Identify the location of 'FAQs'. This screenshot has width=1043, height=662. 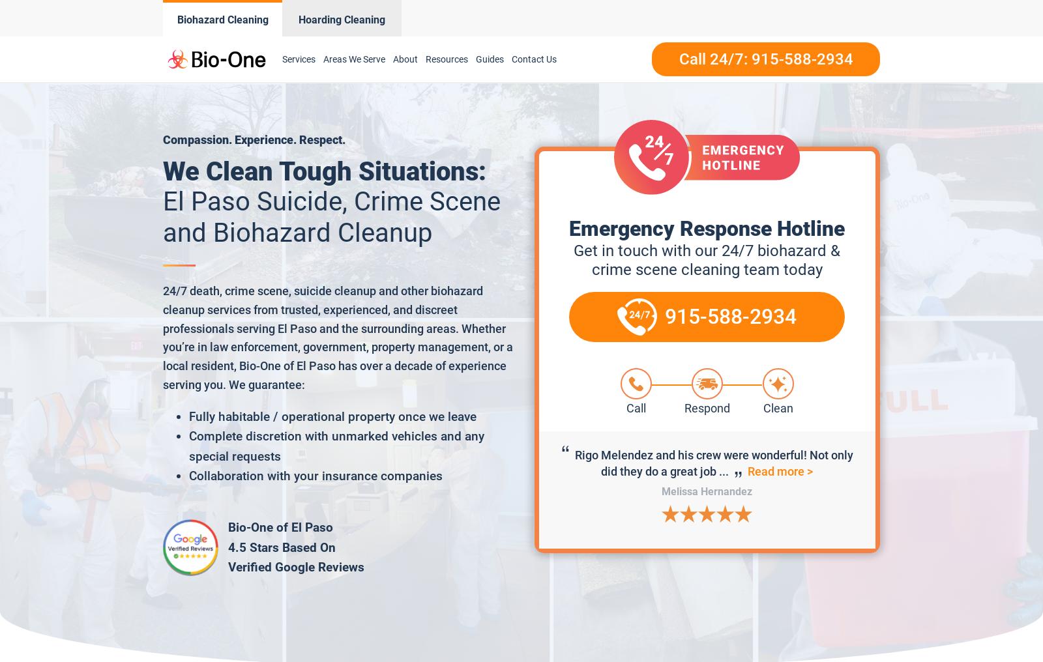
(443, 209).